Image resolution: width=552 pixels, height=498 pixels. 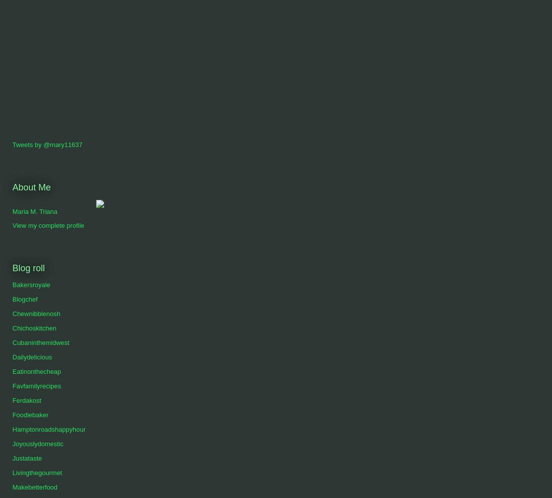 What do you see at coordinates (26, 400) in the screenshot?
I see `'Ferdakost'` at bounding box center [26, 400].